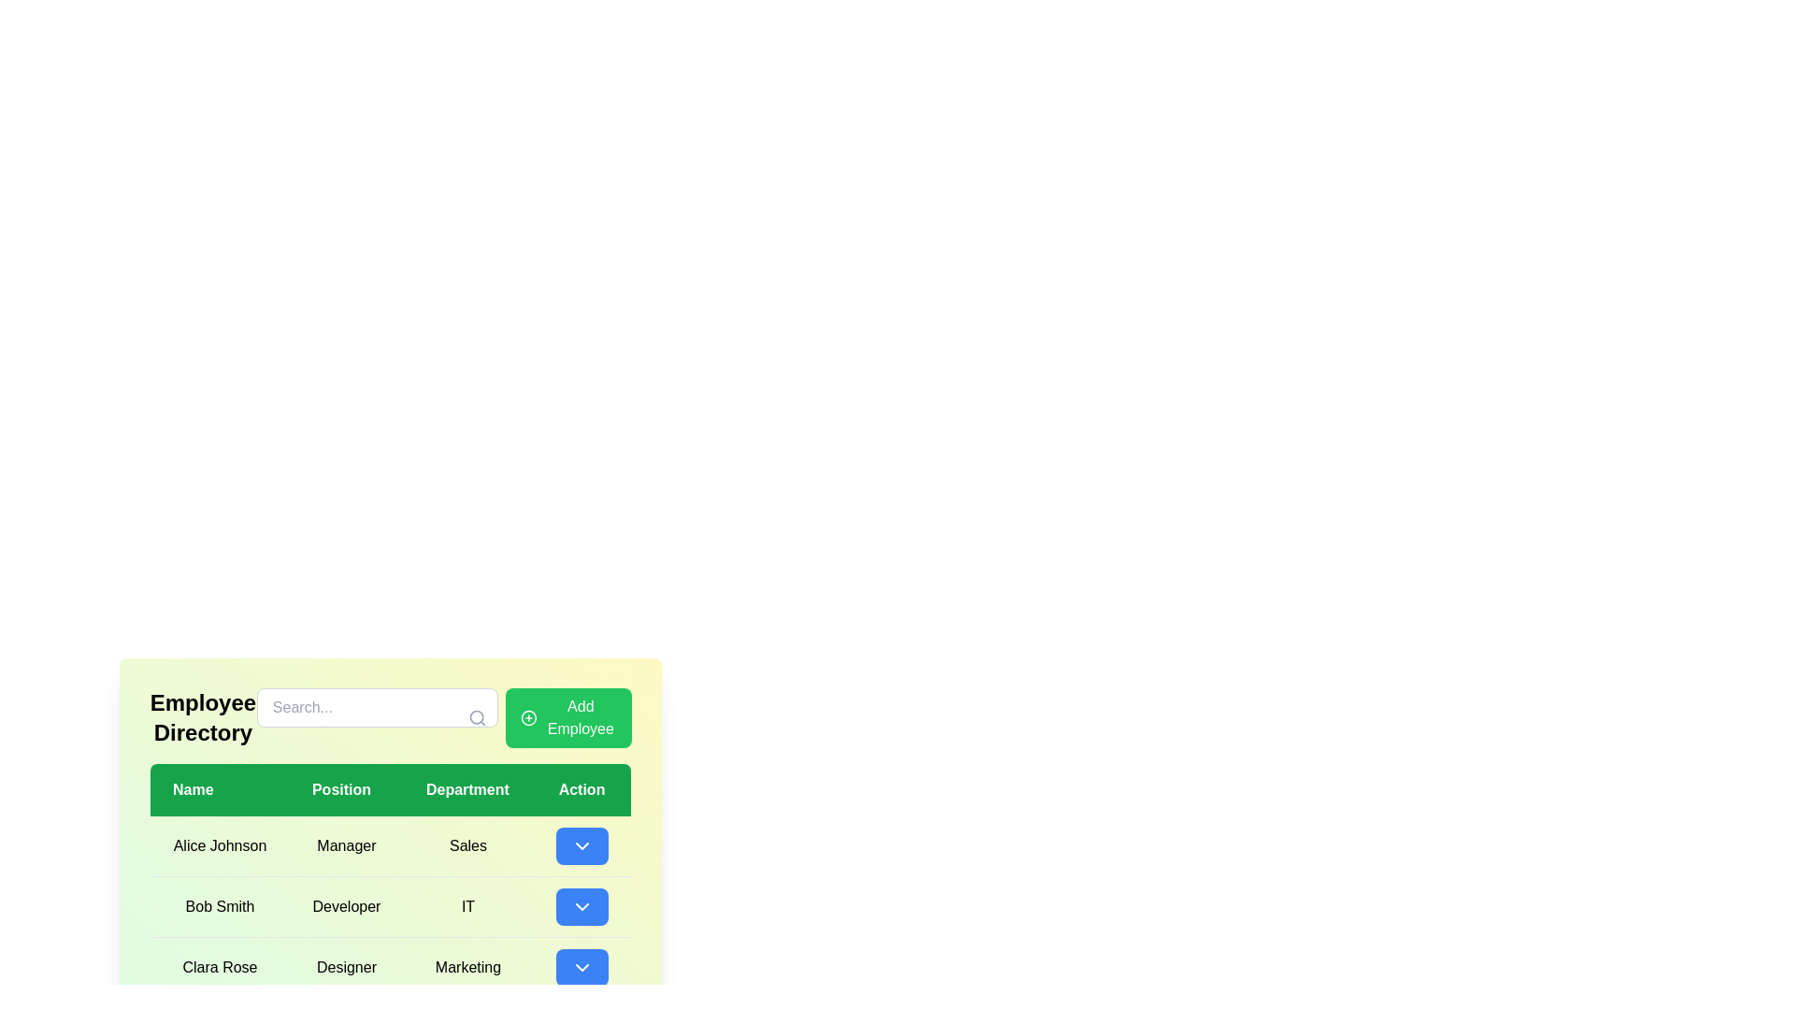 The width and height of the screenshot is (1795, 1010). I want to click on the 'Add New Employee' button located to the right of the search bar, so click(567, 716).